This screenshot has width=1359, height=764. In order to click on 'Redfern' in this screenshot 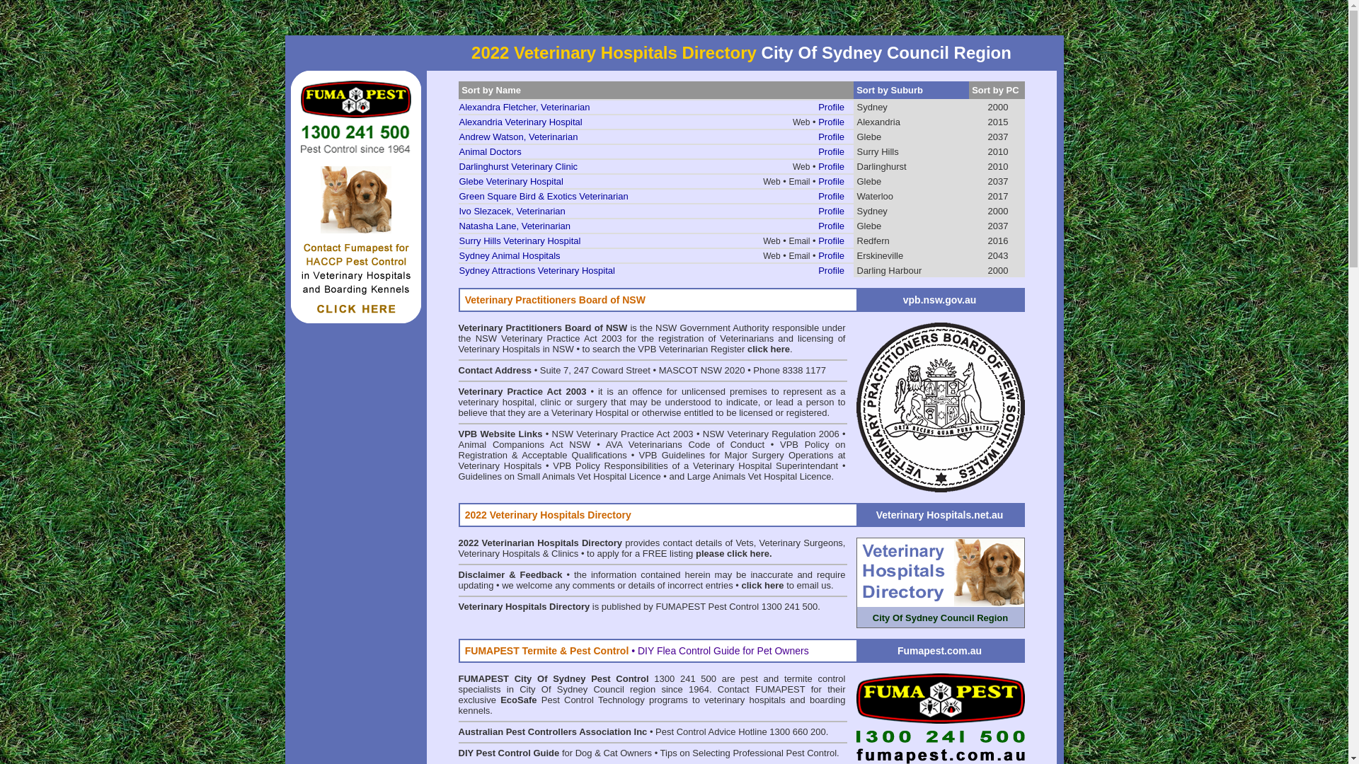, I will do `click(855, 240)`.